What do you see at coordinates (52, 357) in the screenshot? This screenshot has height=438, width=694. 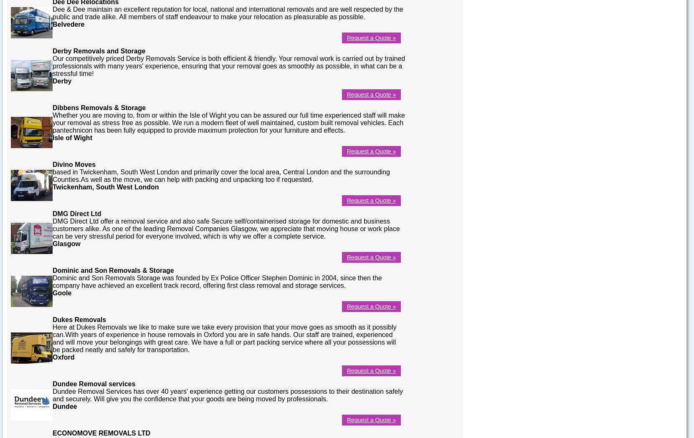 I see `'Oxford'` at bounding box center [52, 357].